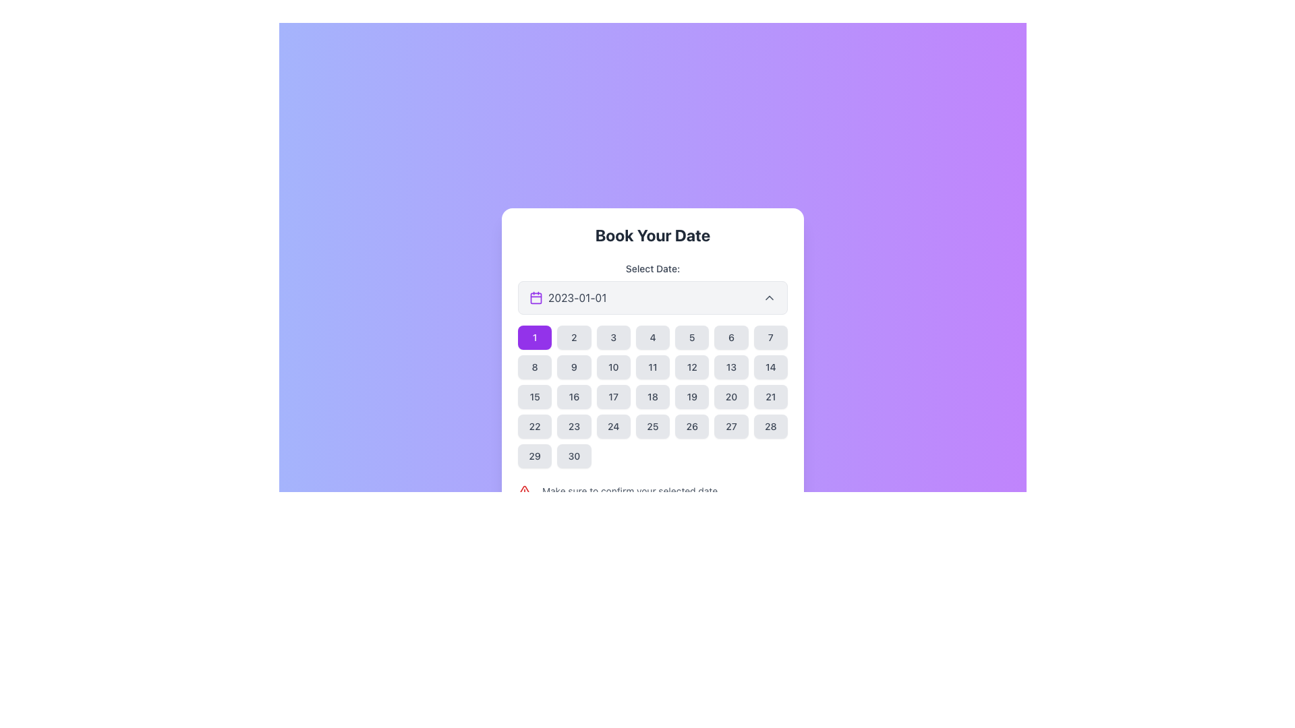 Image resolution: width=1295 pixels, height=728 pixels. I want to click on the button representing the 18th day in the calendar, so click(653, 396).